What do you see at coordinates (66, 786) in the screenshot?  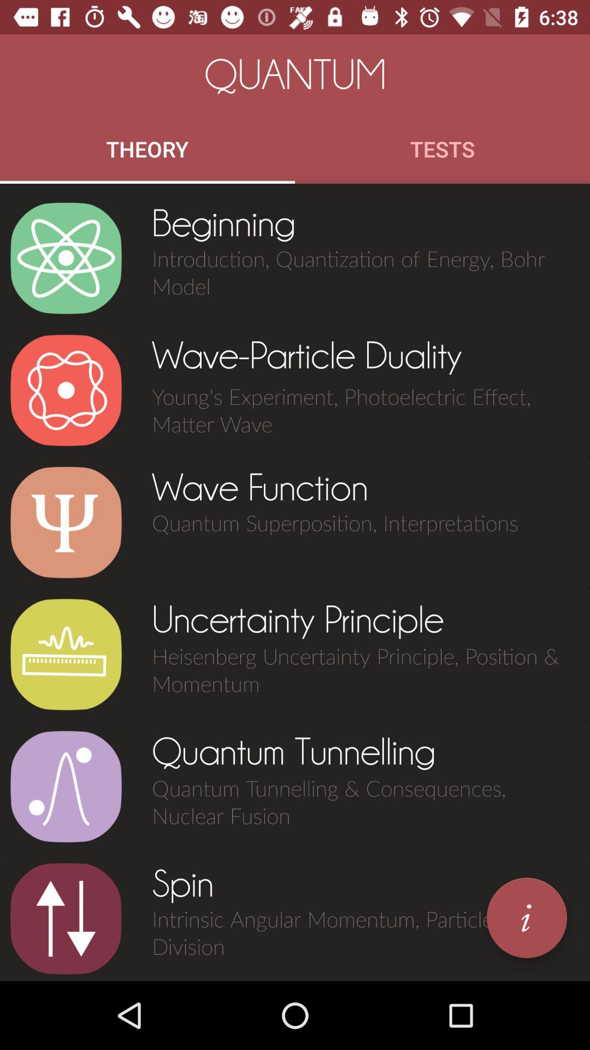 I see `the icon next to quantum tunnelling icon` at bounding box center [66, 786].